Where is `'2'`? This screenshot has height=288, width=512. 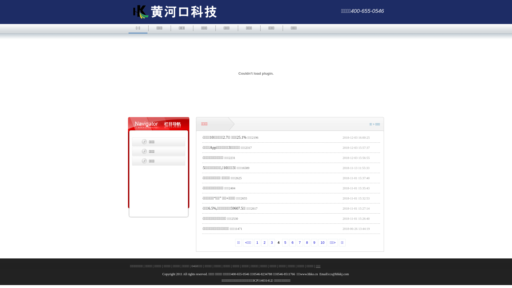 '2' is located at coordinates (264, 243).